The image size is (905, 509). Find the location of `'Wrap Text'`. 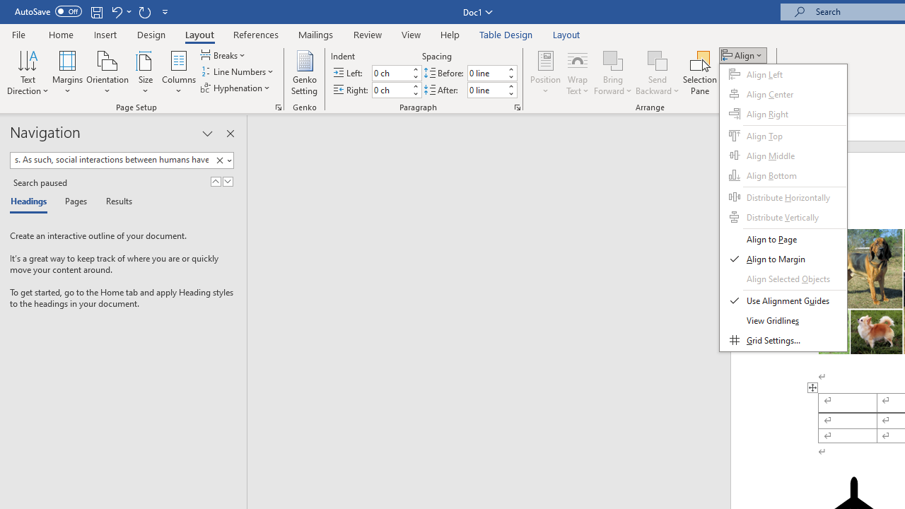

'Wrap Text' is located at coordinates (578, 73).